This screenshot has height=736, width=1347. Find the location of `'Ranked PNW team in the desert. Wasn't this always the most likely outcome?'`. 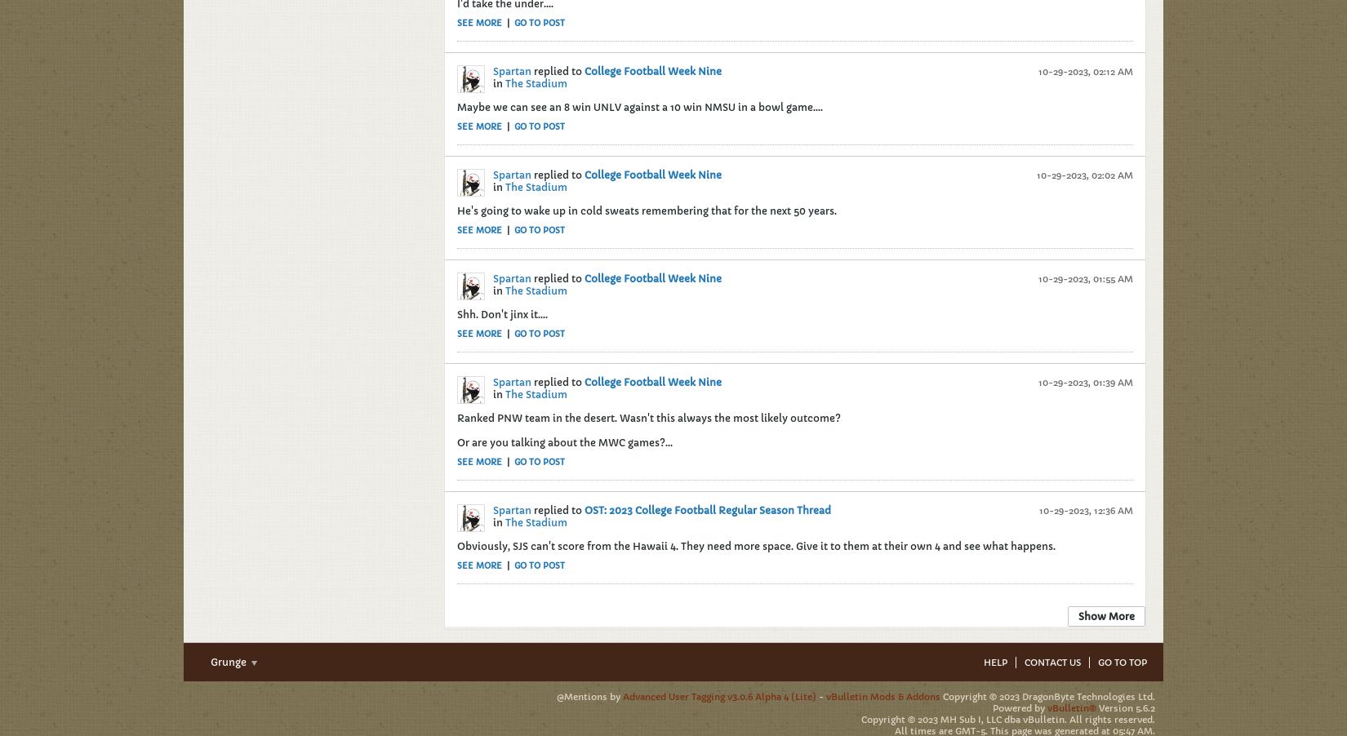

'Ranked PNW team in the desert. Wasn't this always the most likely outcome?' is located at coordinates (647, 417).